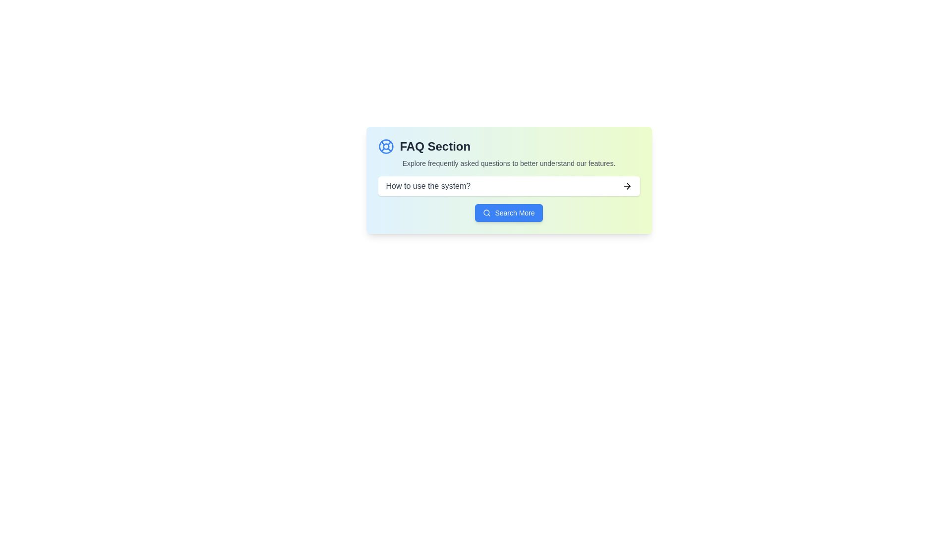 The width and height of the screenshot is (952, 535). What do you see at coordinates (509, 212) in the screenshot?
I see `the blue rectangular button with rounded outline labeled 'Search More', located in the 'FAQ Section' box, to initiate the search action` at bounding box center [509, 212].